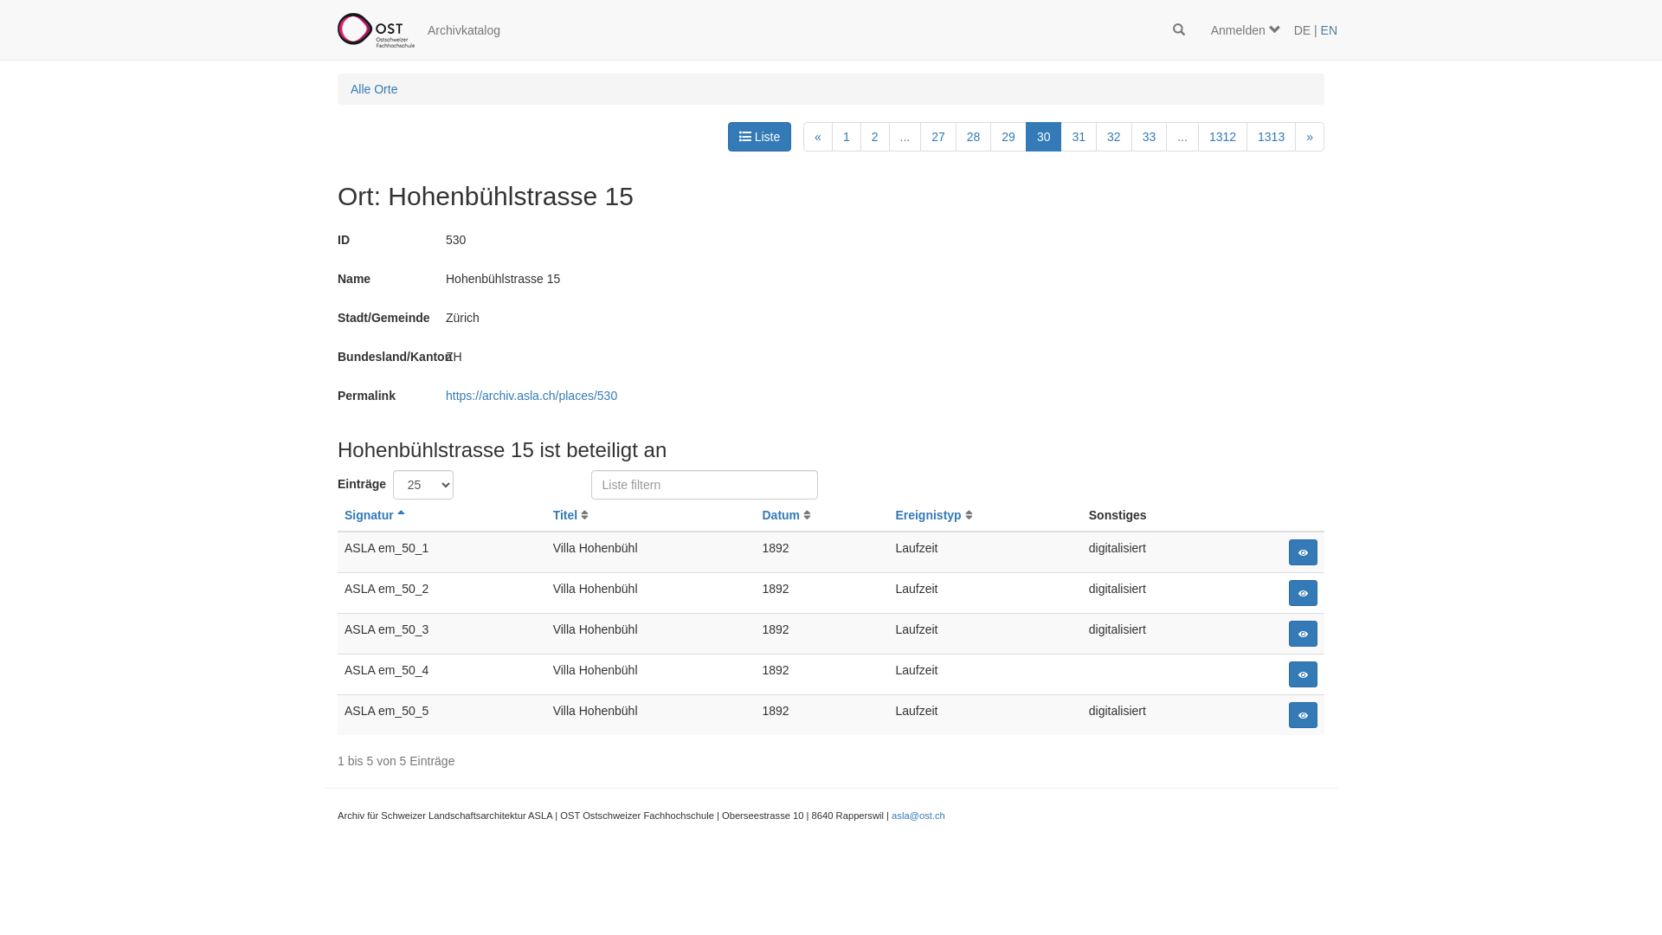 The width and height of the screenshot is (1662, 935). I want to click on '33', so click(1150, 136).